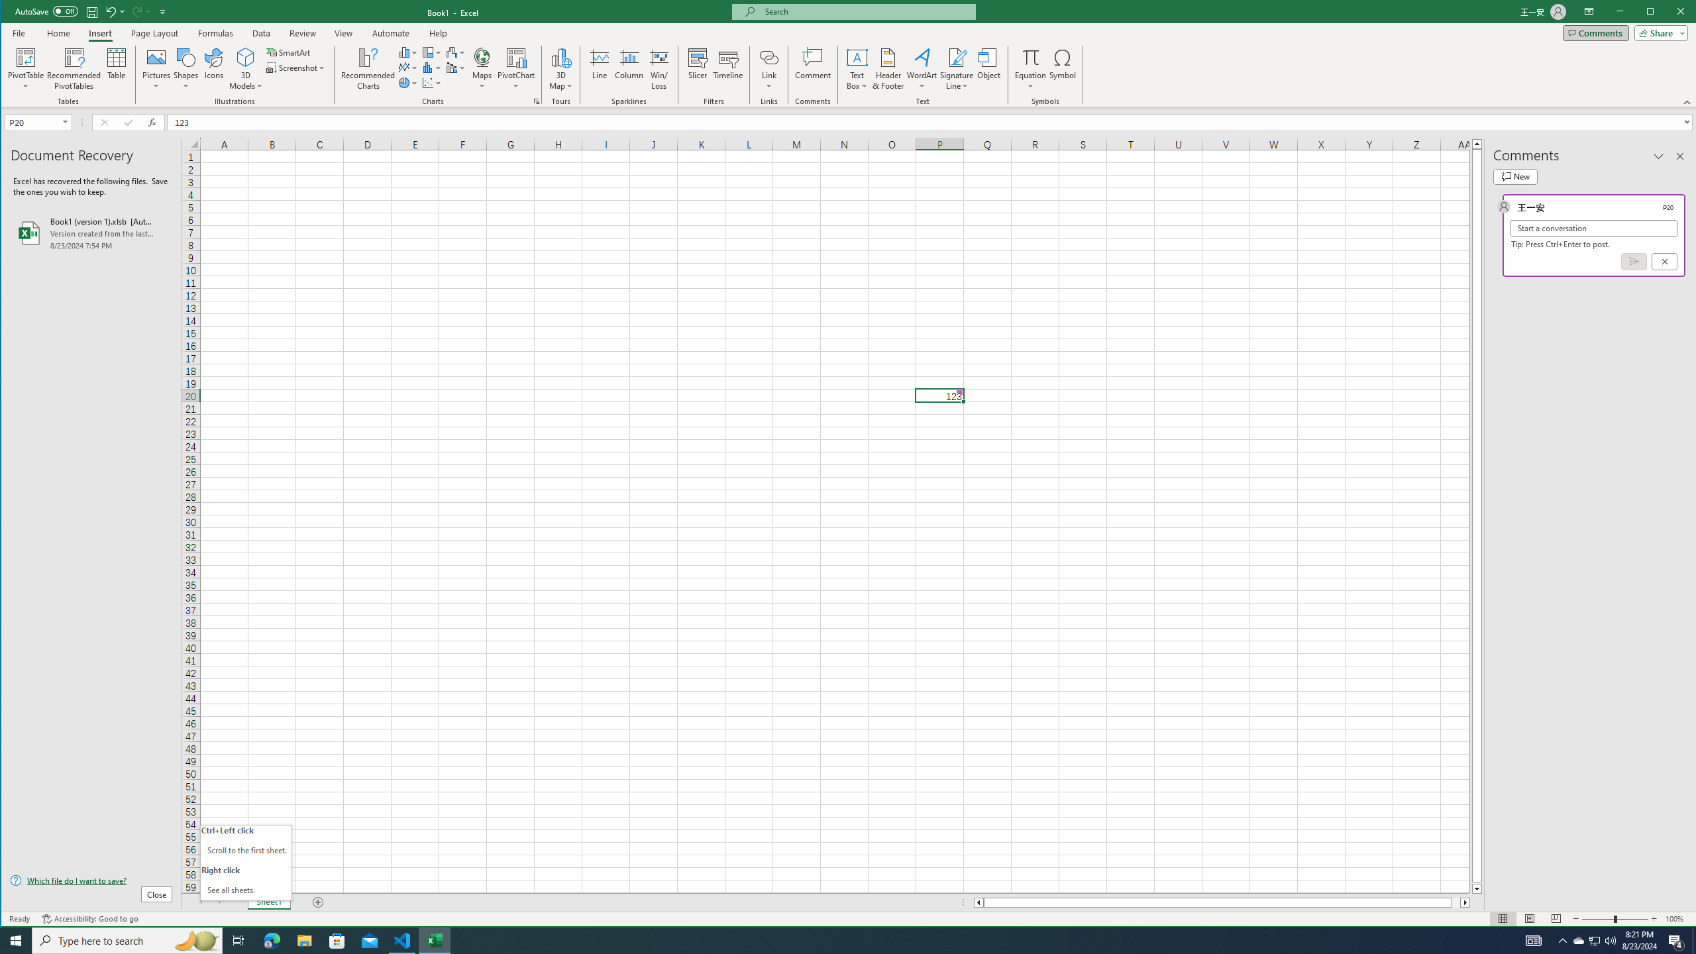  I want to click on 'Add Sheet', so click(318, 902).